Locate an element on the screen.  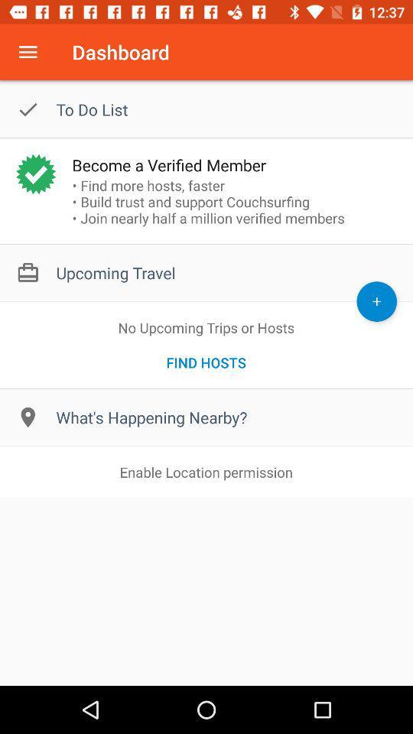
menu is located at coordinates (28, 52).